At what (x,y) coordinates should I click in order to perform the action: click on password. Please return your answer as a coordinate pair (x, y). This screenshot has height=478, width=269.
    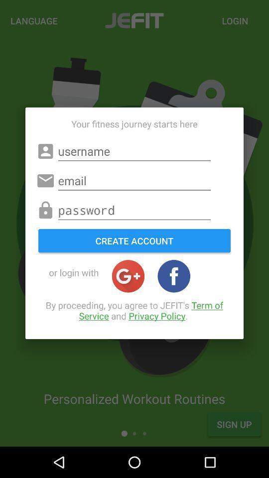
    Looking at the image, I should click on (134, 210).